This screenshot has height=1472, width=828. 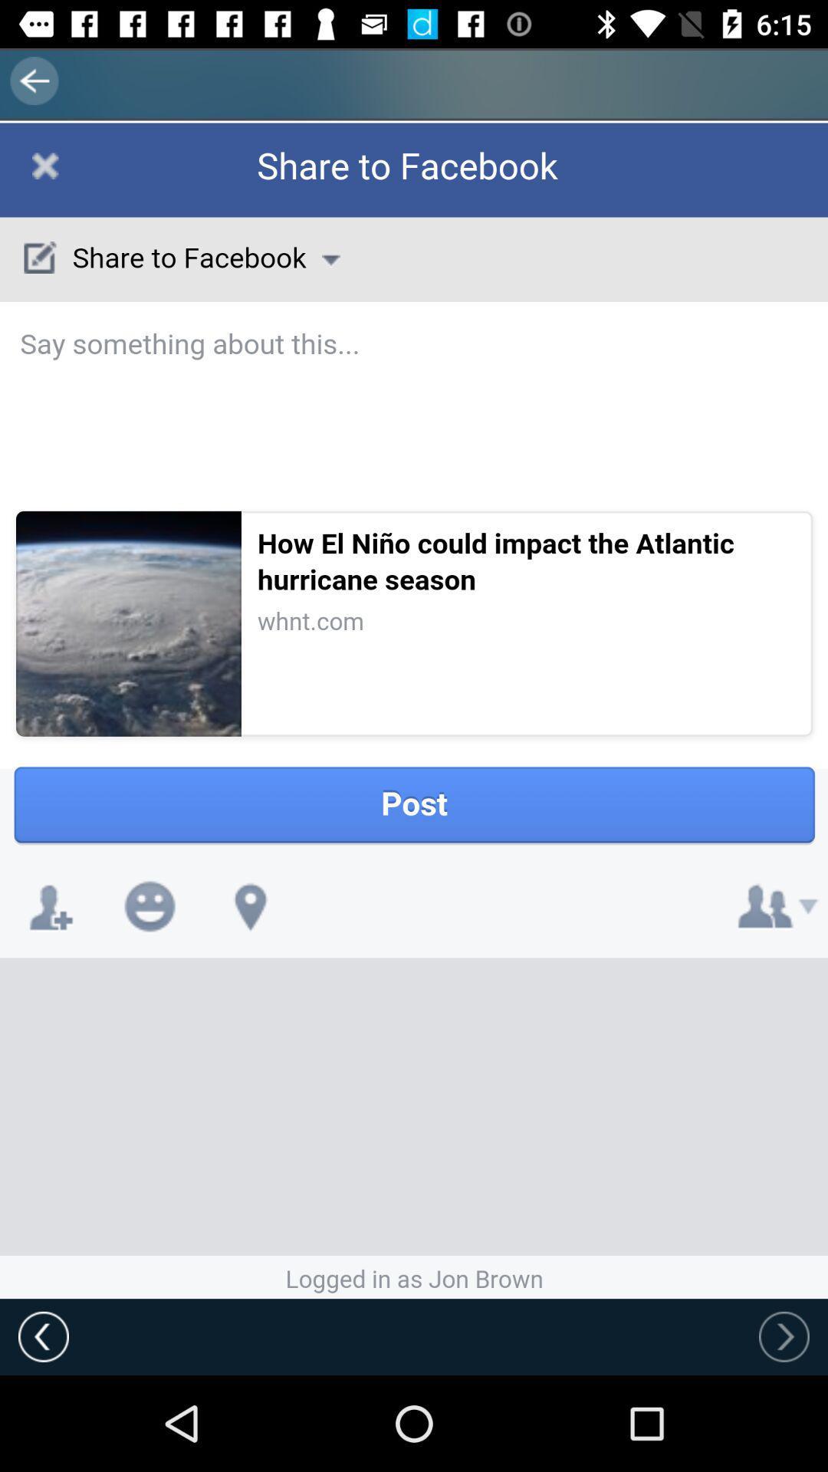 I want to click on previous, so click(x=784, y=1336).